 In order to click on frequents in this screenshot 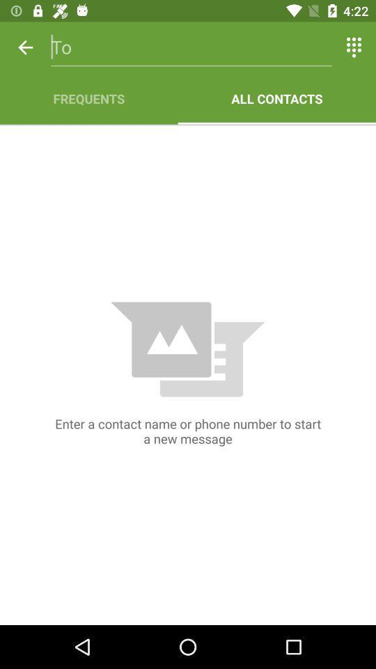, I will do `click(88, 98)`.